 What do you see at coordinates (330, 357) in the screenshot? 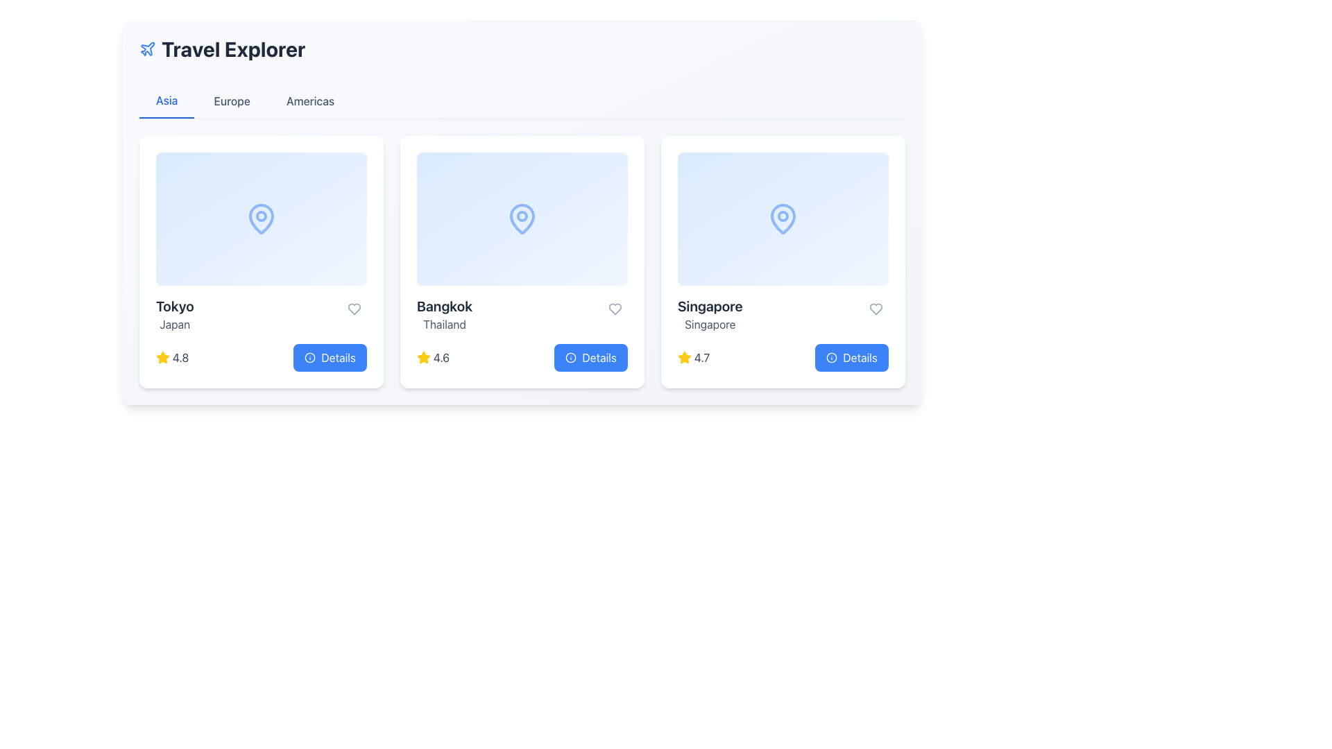
I see `the button located in the bottom-right corner of the leftmost card, adjacent to the rating indication ('4.8') and a star icon, for keyboard navigation` at bounding box center [330, 357].